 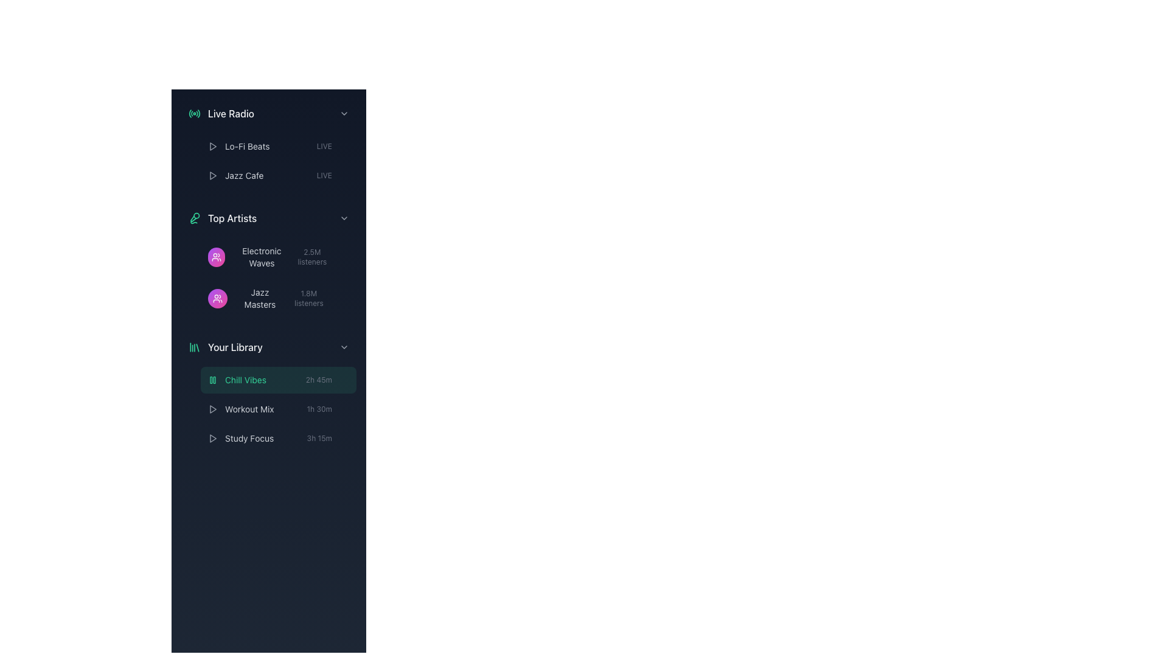 What do you see at coordinates (268, 409) in the screenshot?
I see `the second item` at bounding box center [268, 409].